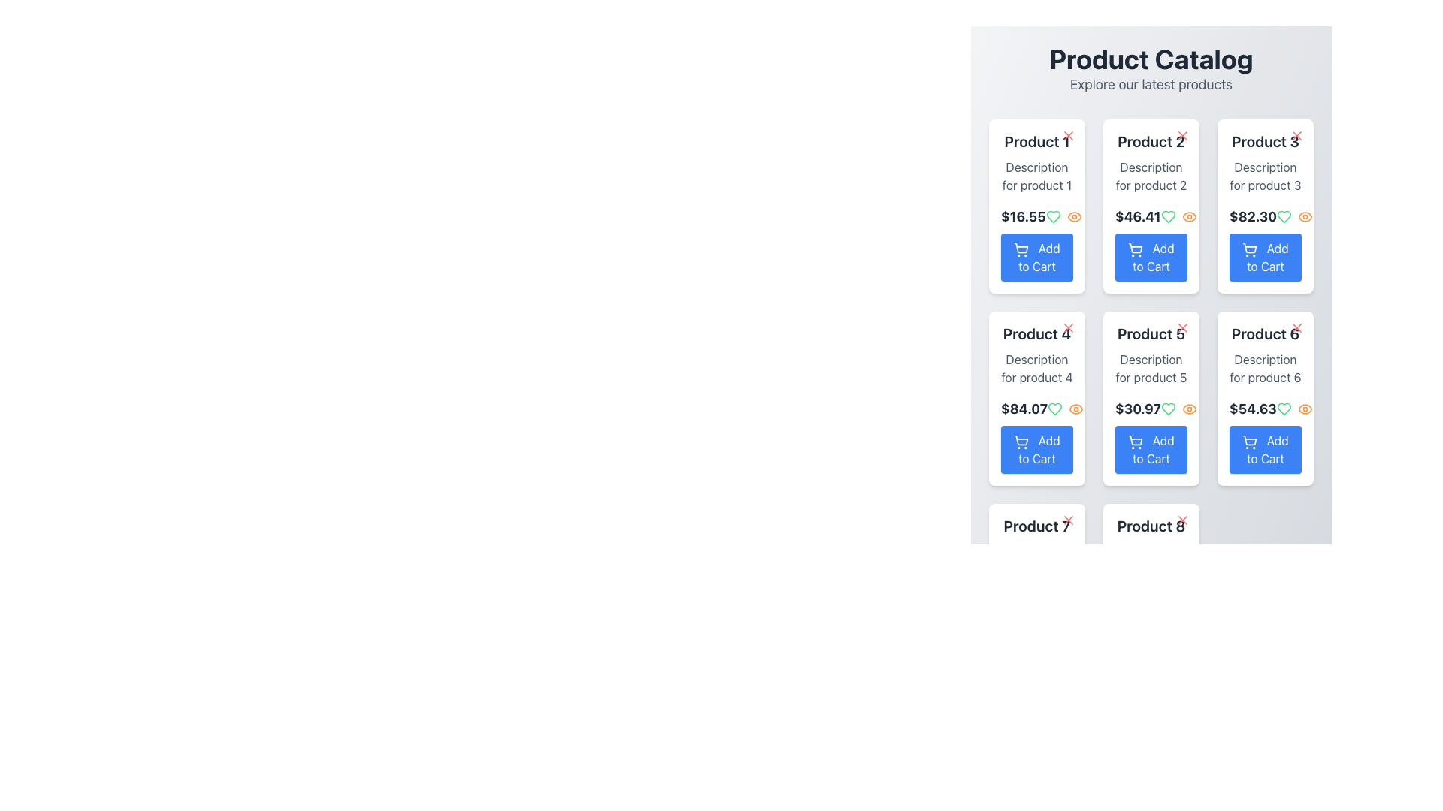  What do you see at coordinates (1304, 409) in the screenshot?
I see `the 'view details' icon located in the second column of the second row for 'Product 6' in the product catalog grid` at bounding box center [1304, 409].